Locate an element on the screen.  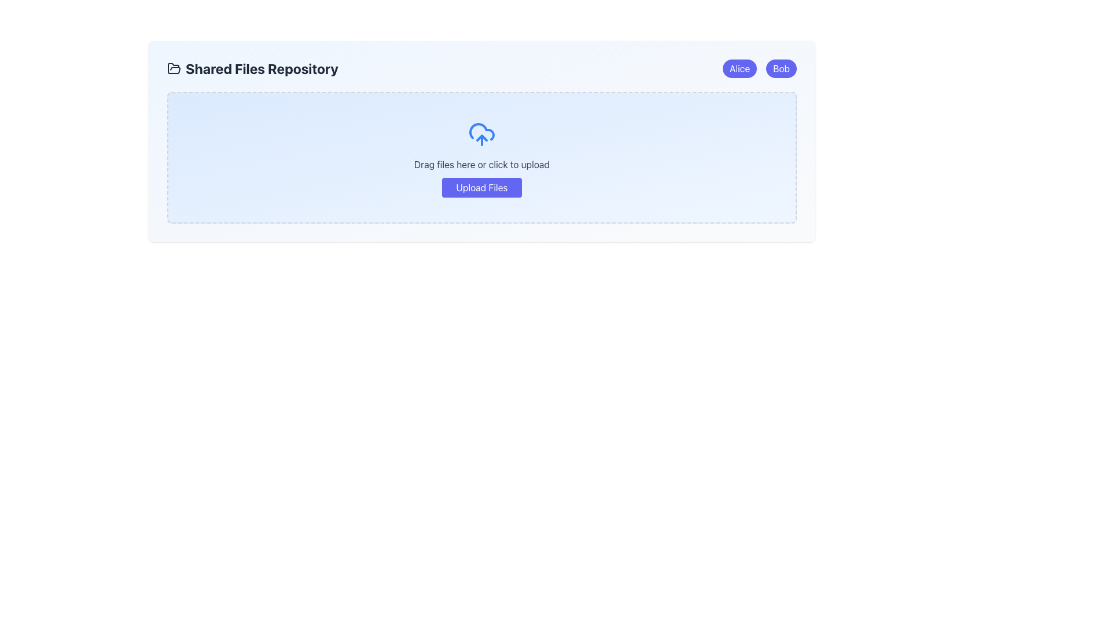
the button located to the right of the 'Alice' button, which serves as a clickable tag or selection option is located at coordinates (781, 69).